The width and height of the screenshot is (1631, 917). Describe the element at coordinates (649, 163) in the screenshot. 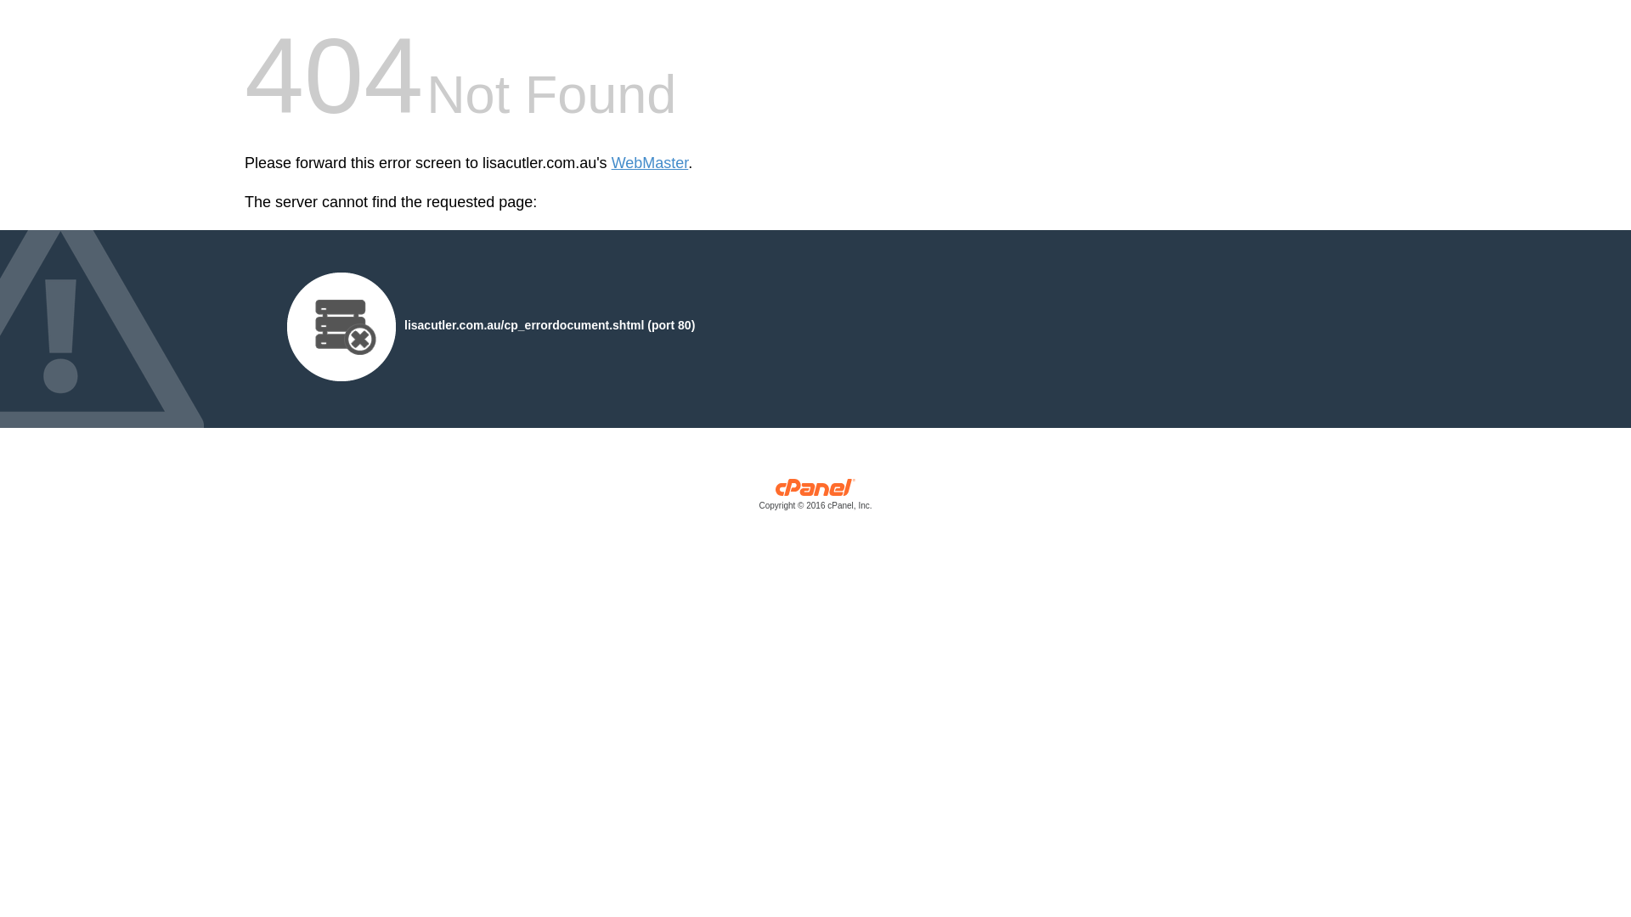

I see `'WebMaster'` at that location.